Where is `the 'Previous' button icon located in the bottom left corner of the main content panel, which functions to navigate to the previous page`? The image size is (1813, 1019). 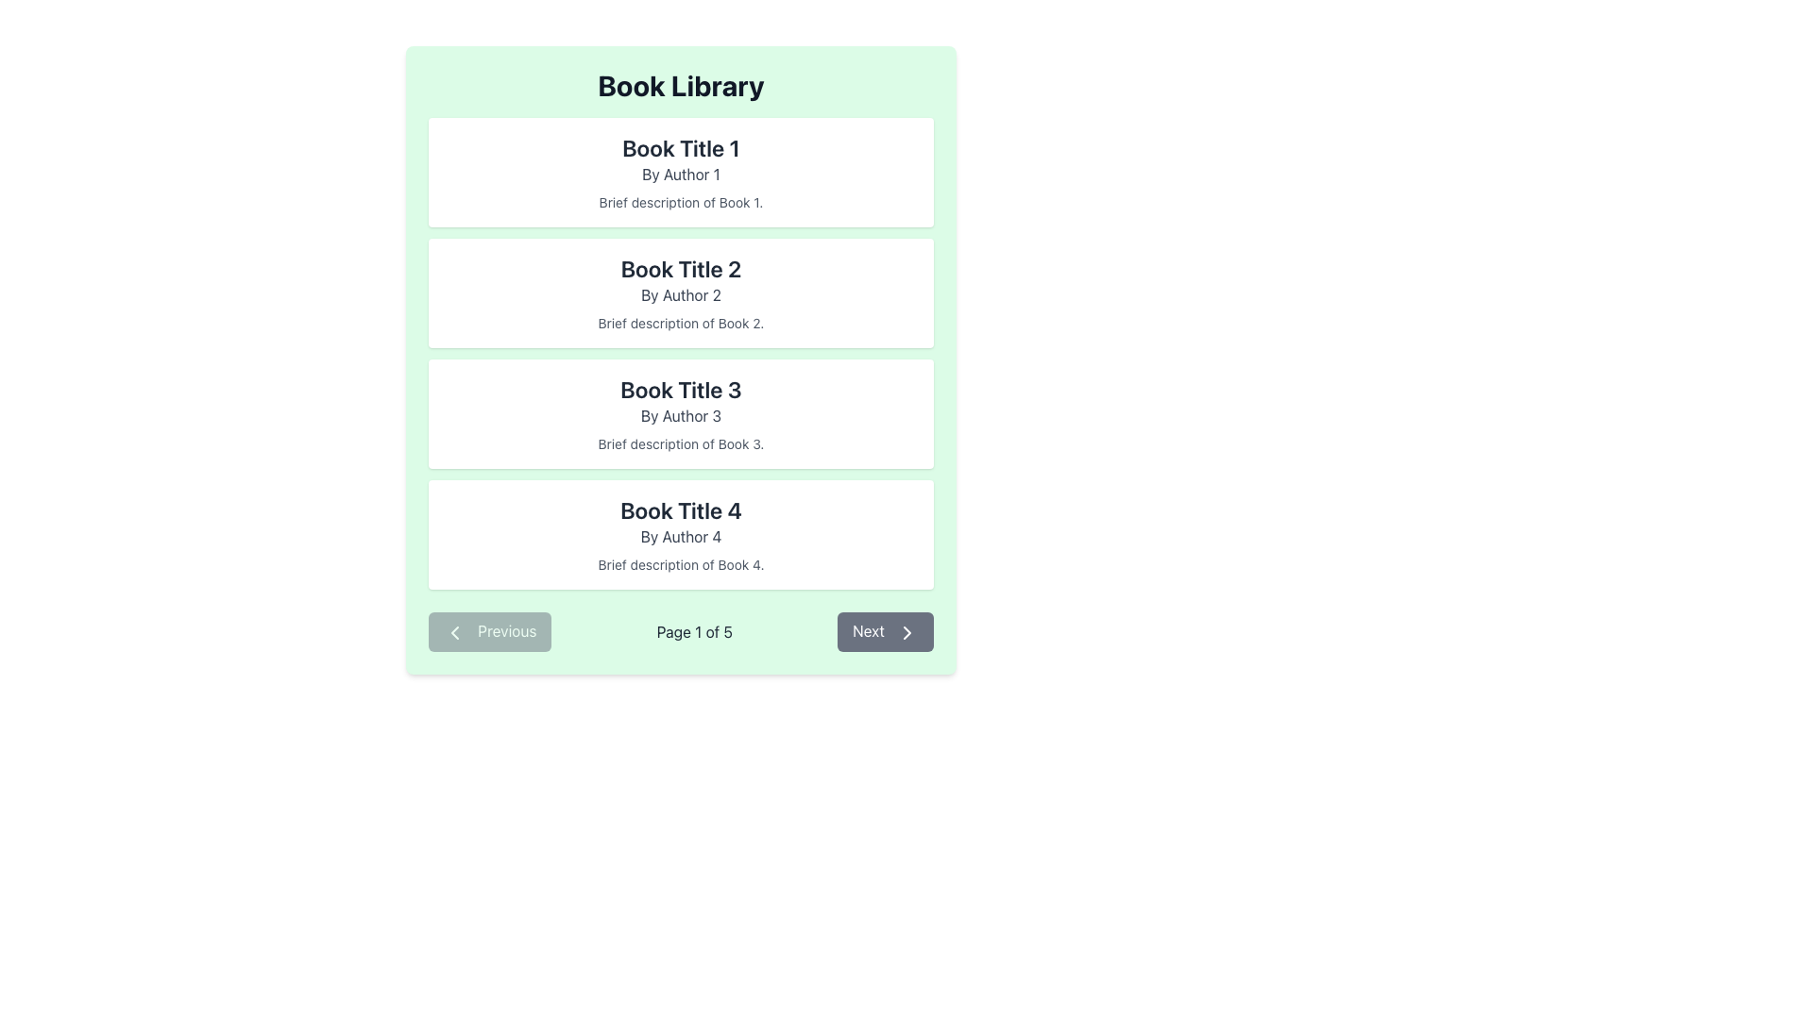
the 'Previous' button icon located in the bottom left corner of the main content panel, which functions to navigate to the previous page is located at coordinates (454, 632).